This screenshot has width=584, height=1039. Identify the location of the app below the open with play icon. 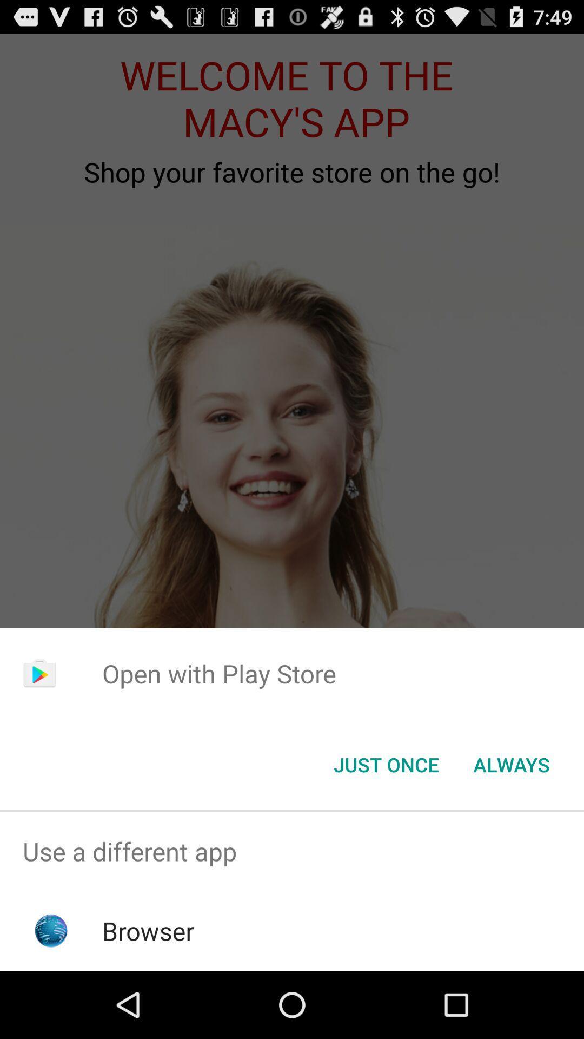
(511, 764).